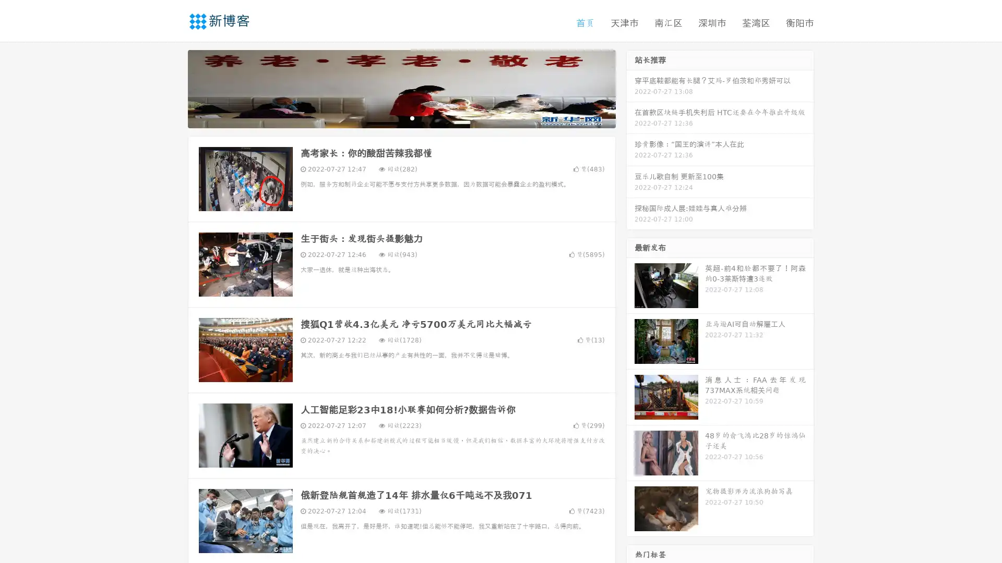  What do you see at coordinates (630, 88) in the screenshot?
I see `Next slide` at bounding box center [630, 88].